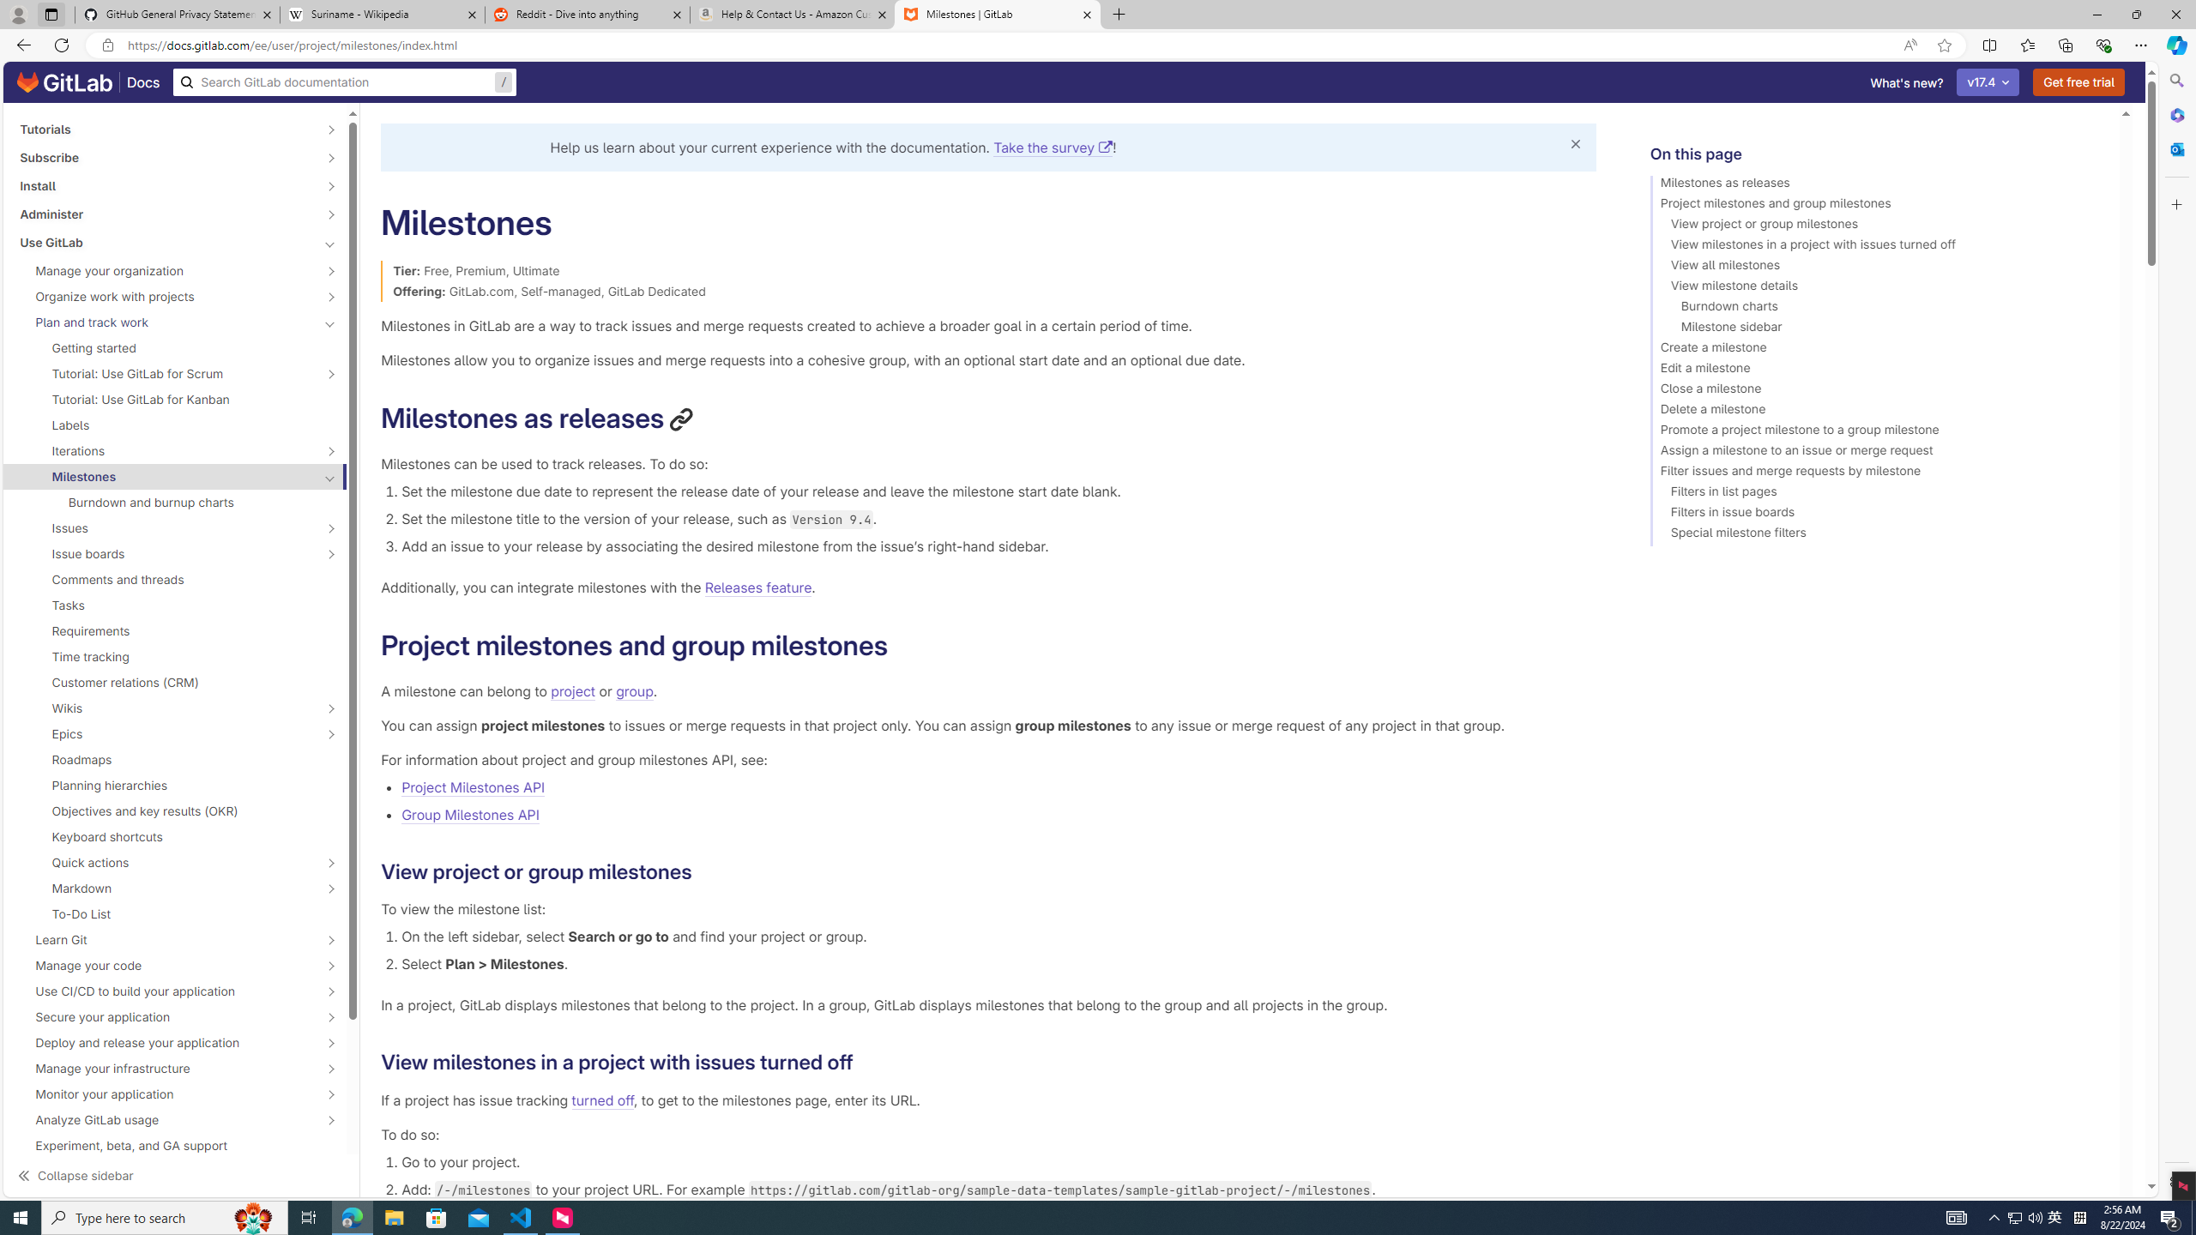  What do you see at coordinates (1877, 226) in the screenshot?
I see `'View project or group milestones'` at bounding box center [1877, 226].